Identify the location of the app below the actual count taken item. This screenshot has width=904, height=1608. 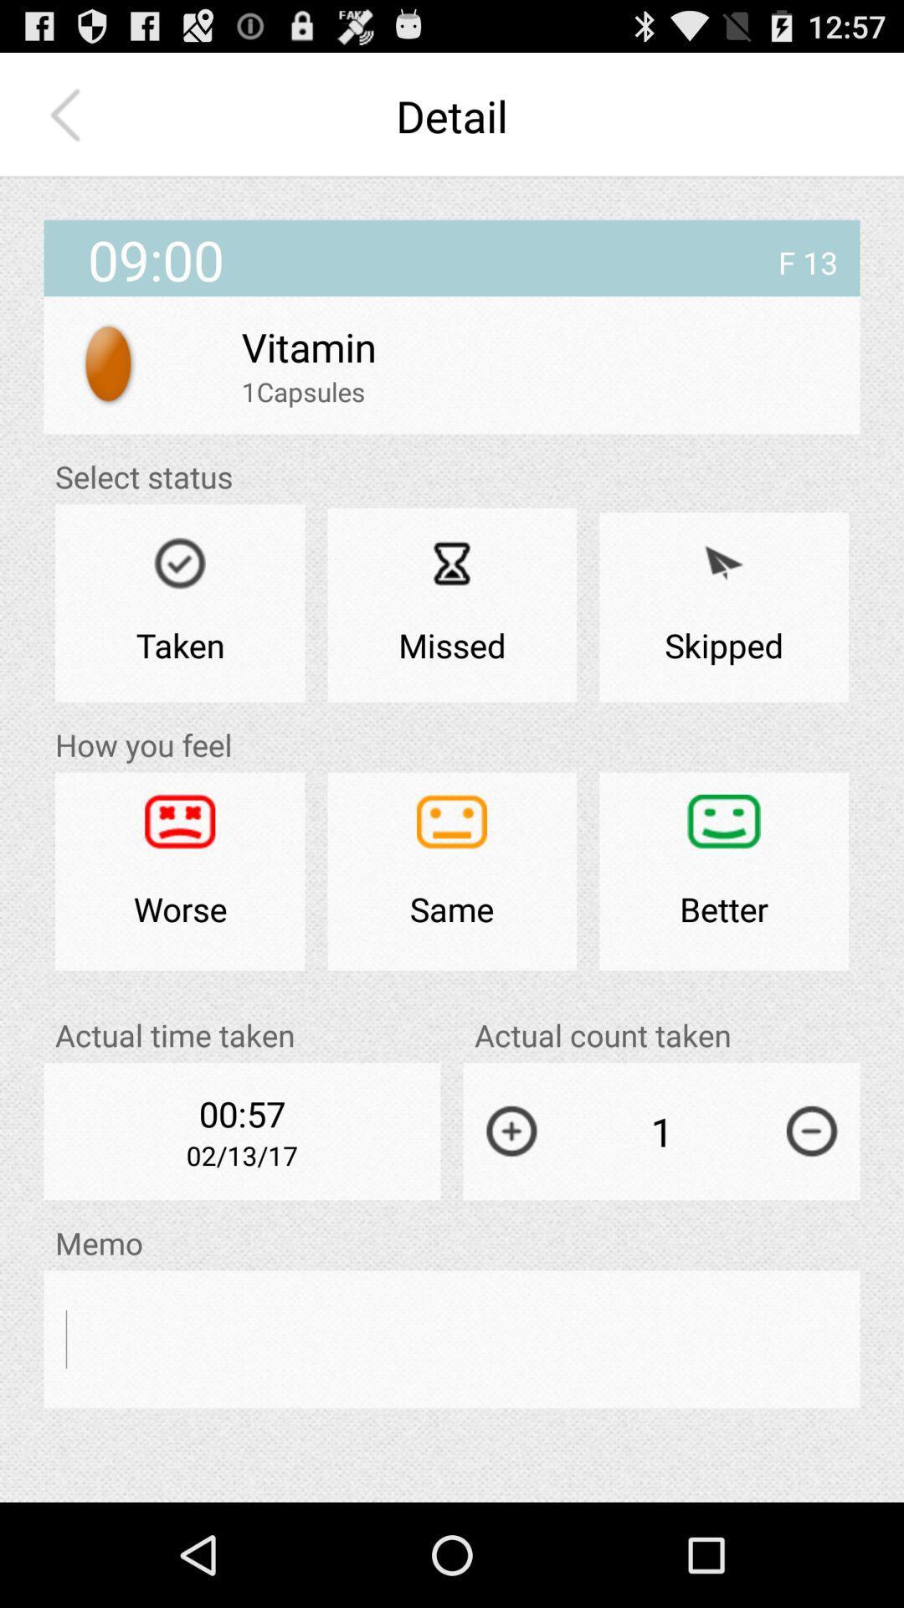
(811, 1131).